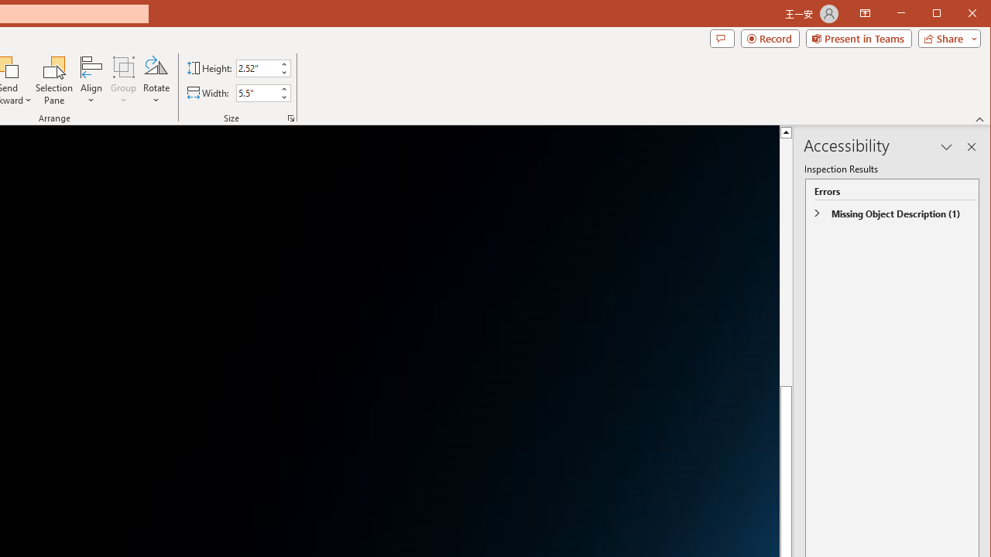 The image size is (991, 557). What do you see at coordinates (54, 80) in the screenshot?
I see `'Selection Pane...'` at bounding box center [54, 80].